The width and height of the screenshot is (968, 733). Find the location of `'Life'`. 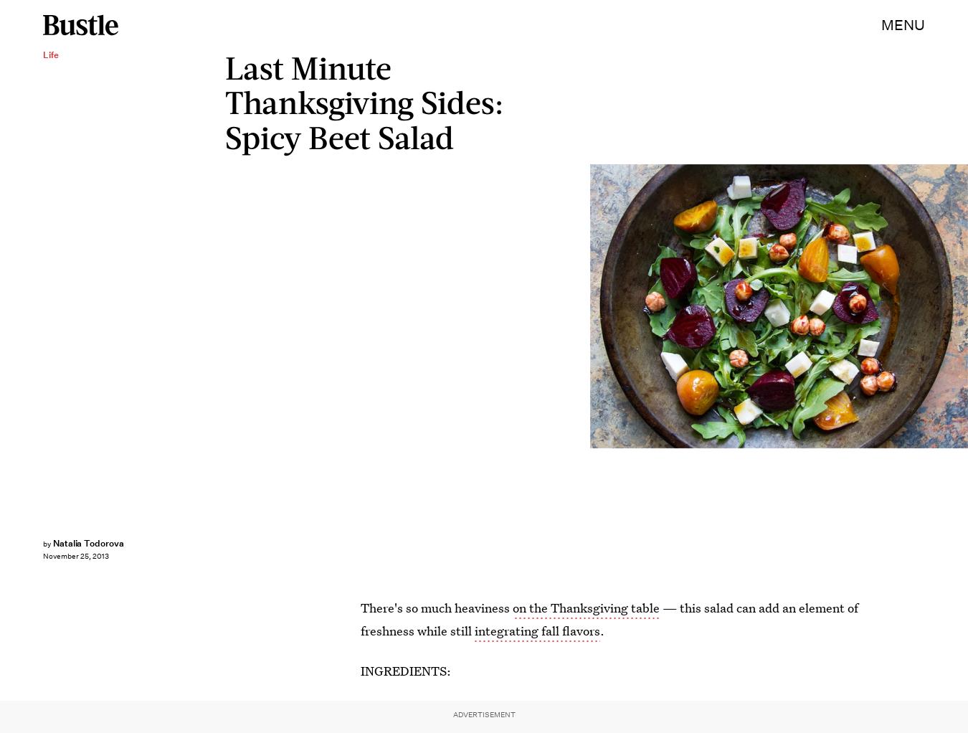

'Life' is located at coordinates (50, 54).